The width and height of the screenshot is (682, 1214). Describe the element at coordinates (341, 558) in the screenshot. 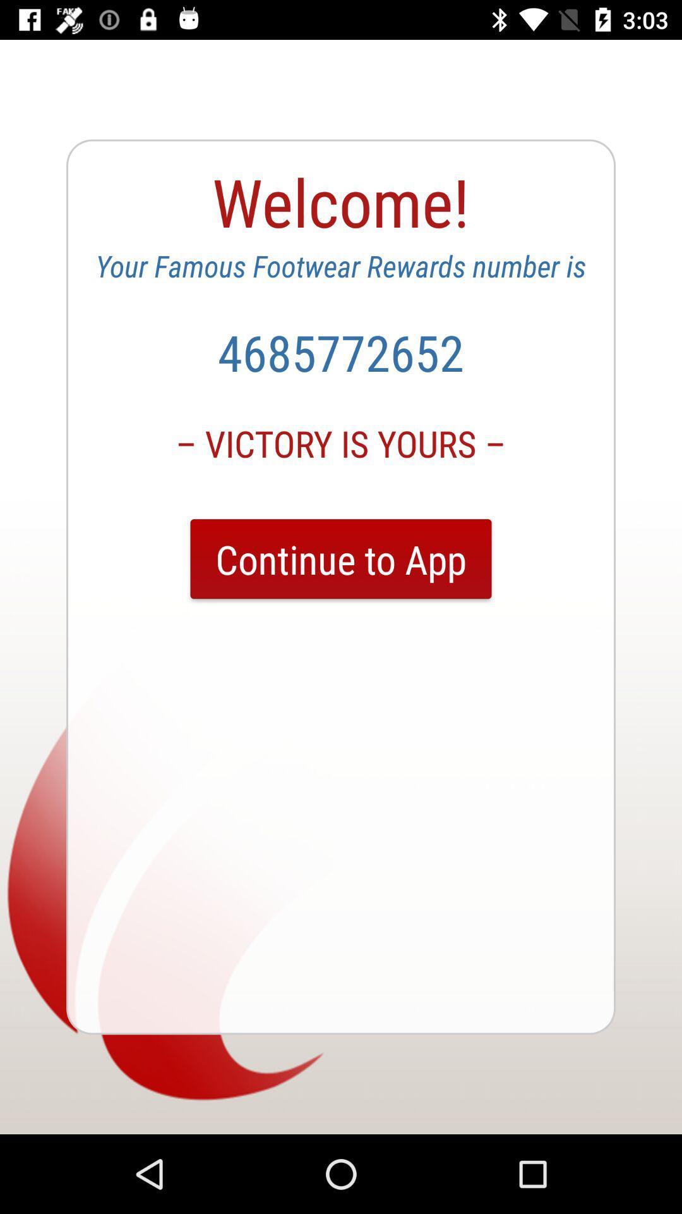

I see `the continue to app item` at that location.